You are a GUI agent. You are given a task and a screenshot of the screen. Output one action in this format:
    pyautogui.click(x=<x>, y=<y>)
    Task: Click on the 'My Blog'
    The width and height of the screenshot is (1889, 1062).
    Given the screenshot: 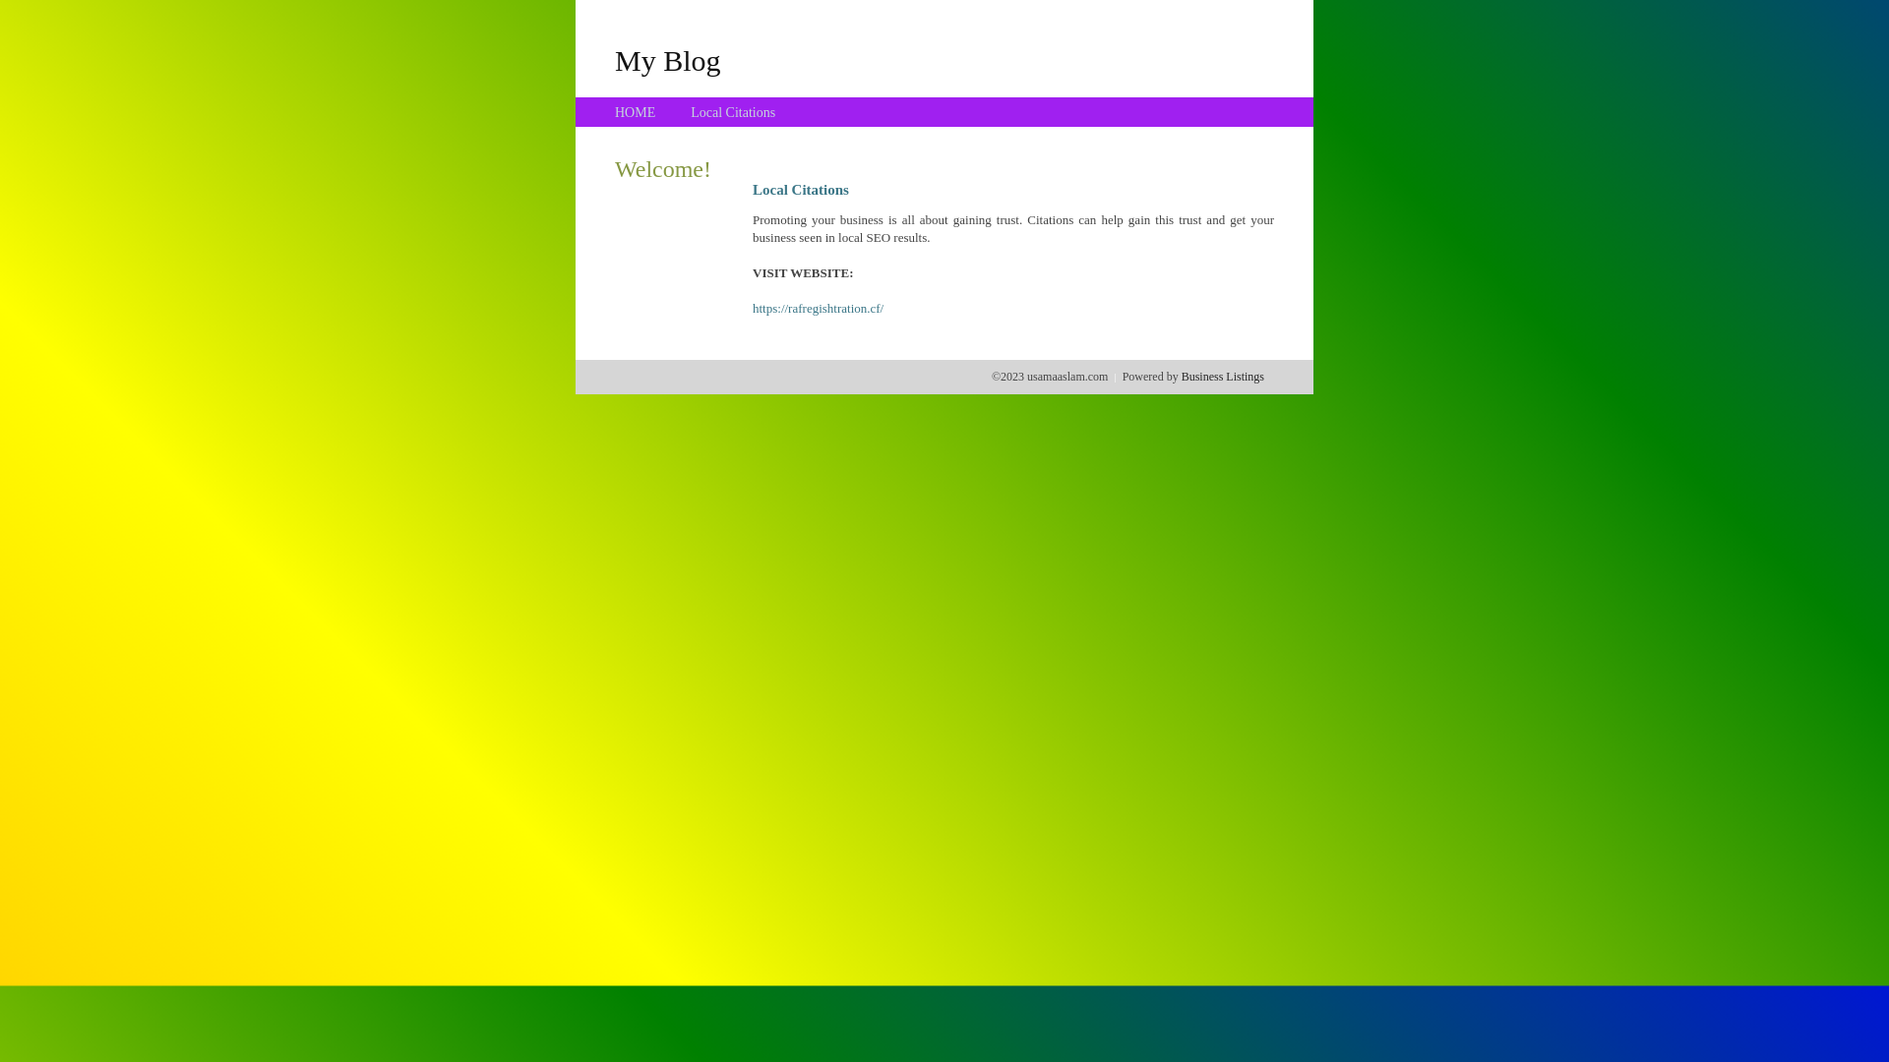 What is the action you would take?
    pyautogui.click(x=667, y=59)
    